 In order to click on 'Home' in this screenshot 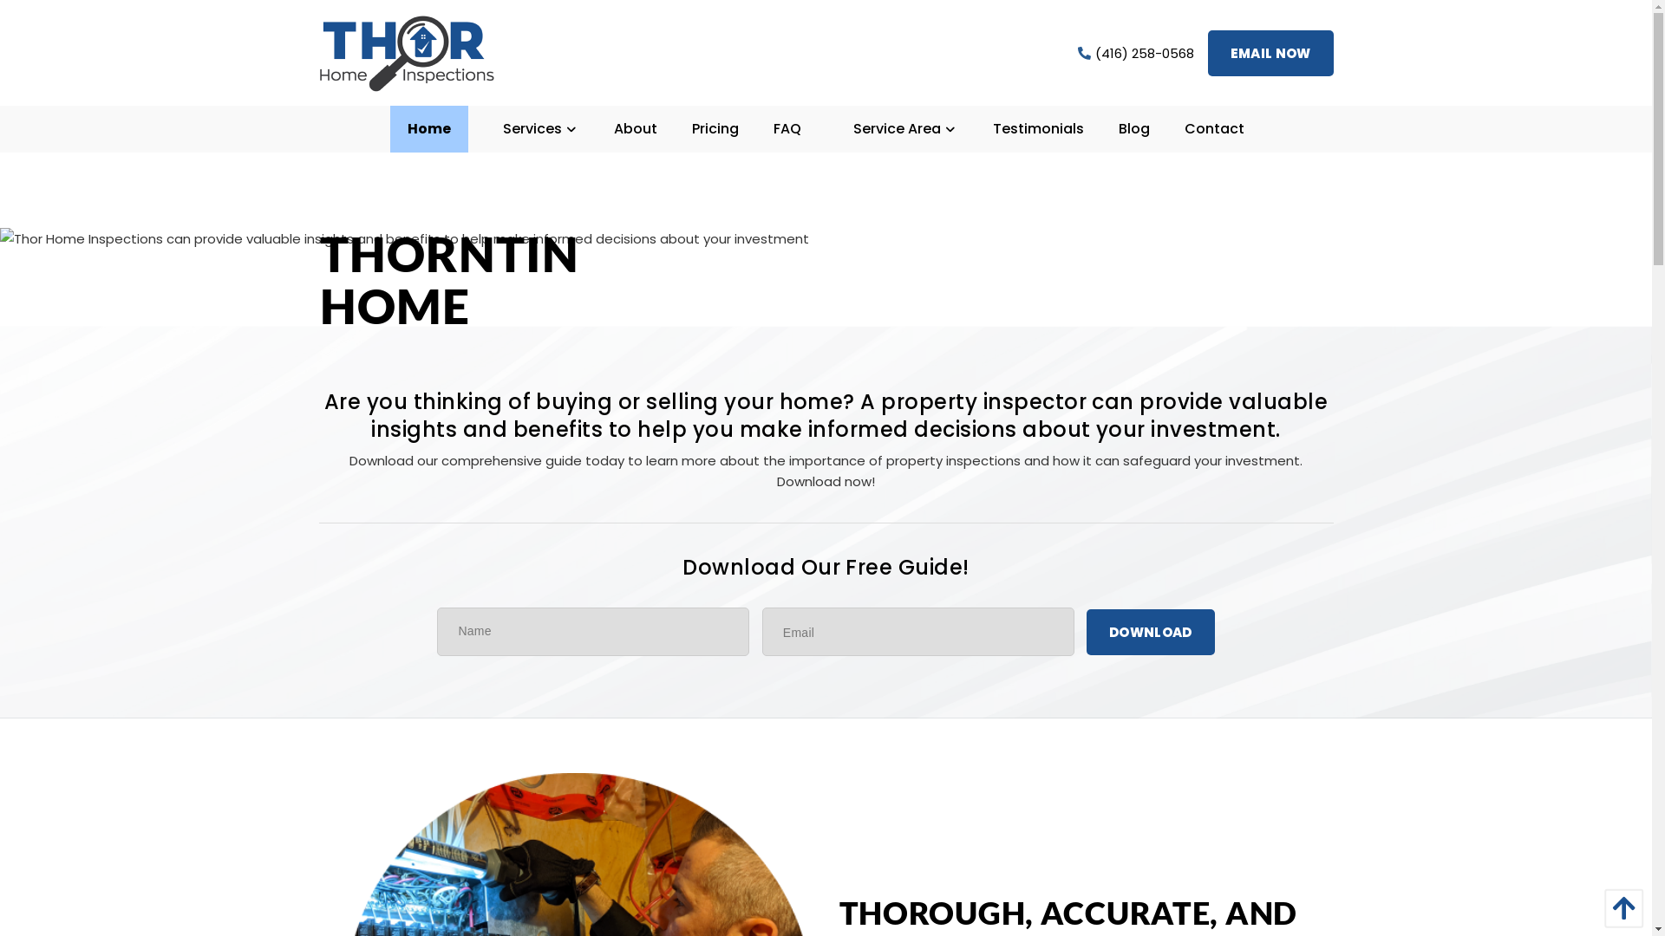, I will do `click(428, 128)`.